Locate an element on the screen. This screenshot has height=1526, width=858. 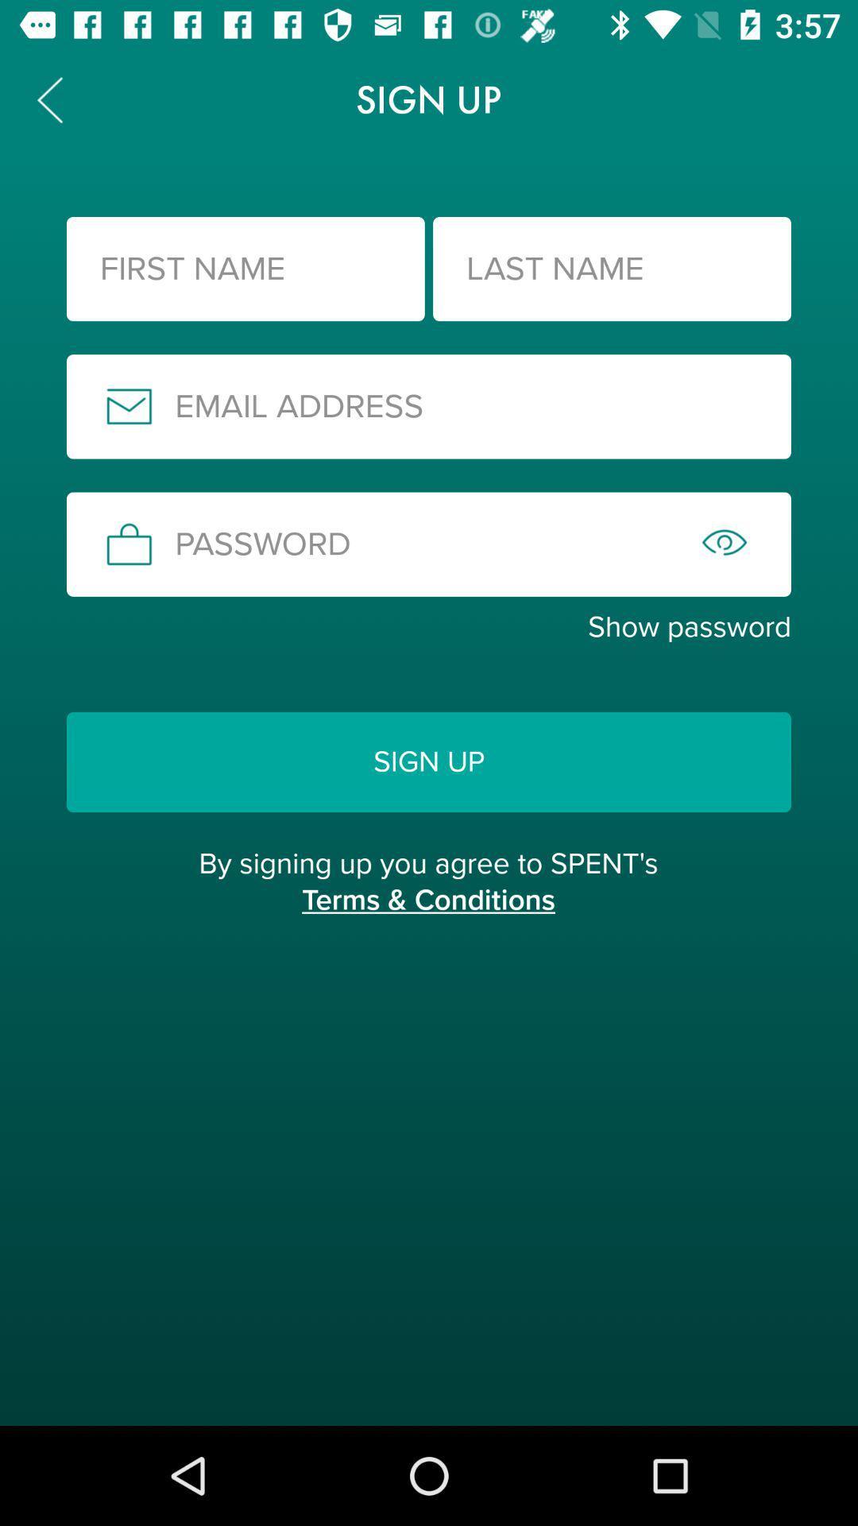
the show password is located at coordinates (429, 626).